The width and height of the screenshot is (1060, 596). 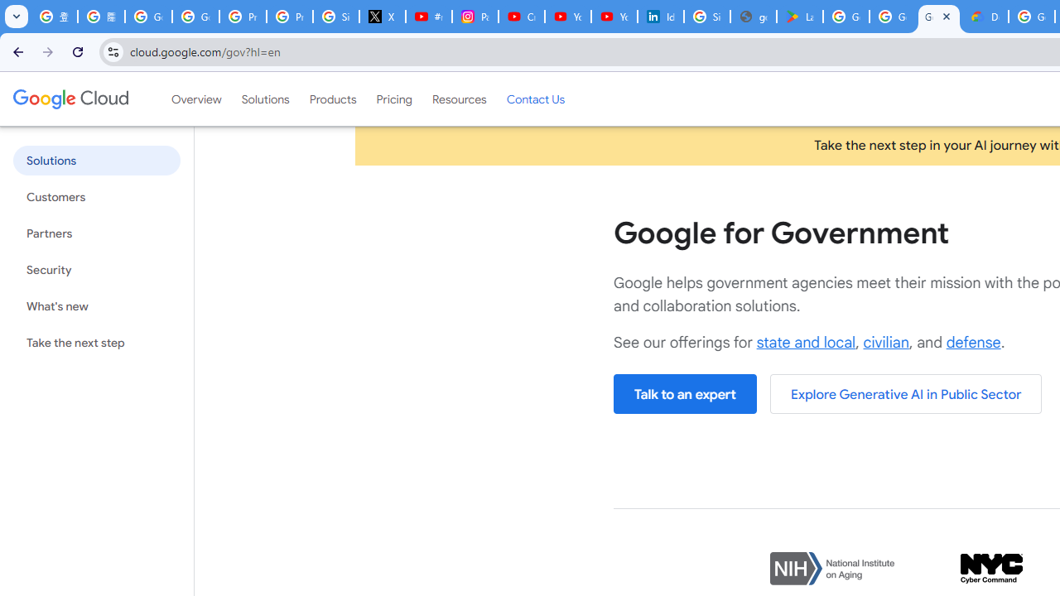 What do you see at coordinates (885, 341) in the screenshot?
I see `'civilian'` at bounding box center [885, 341].